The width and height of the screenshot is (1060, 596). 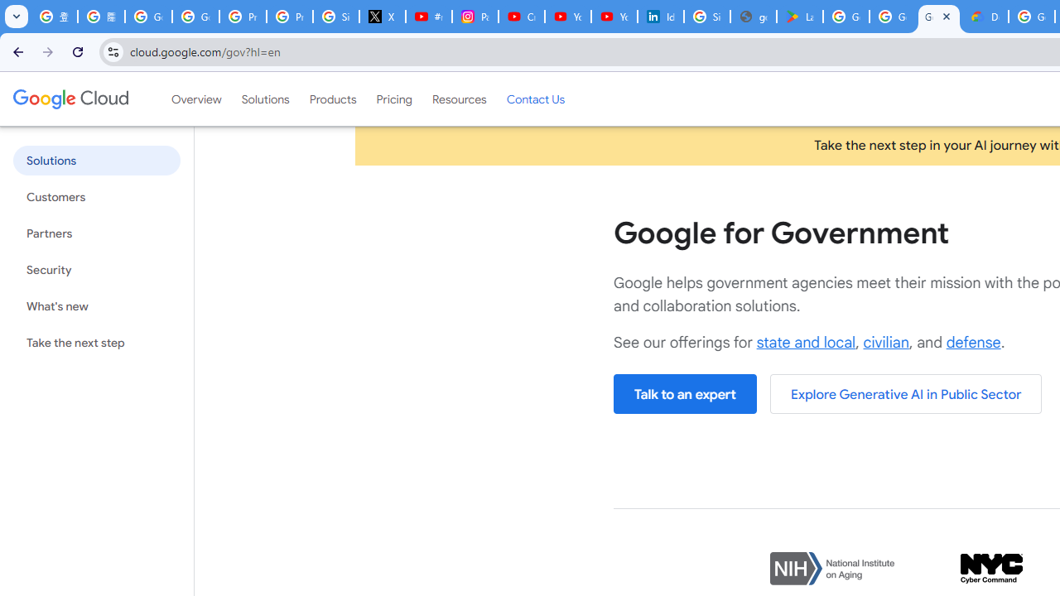 What do you see at coordinates (885, 341) in the screenshot?
I see `'civilian'` at bounding box center [885, 341].